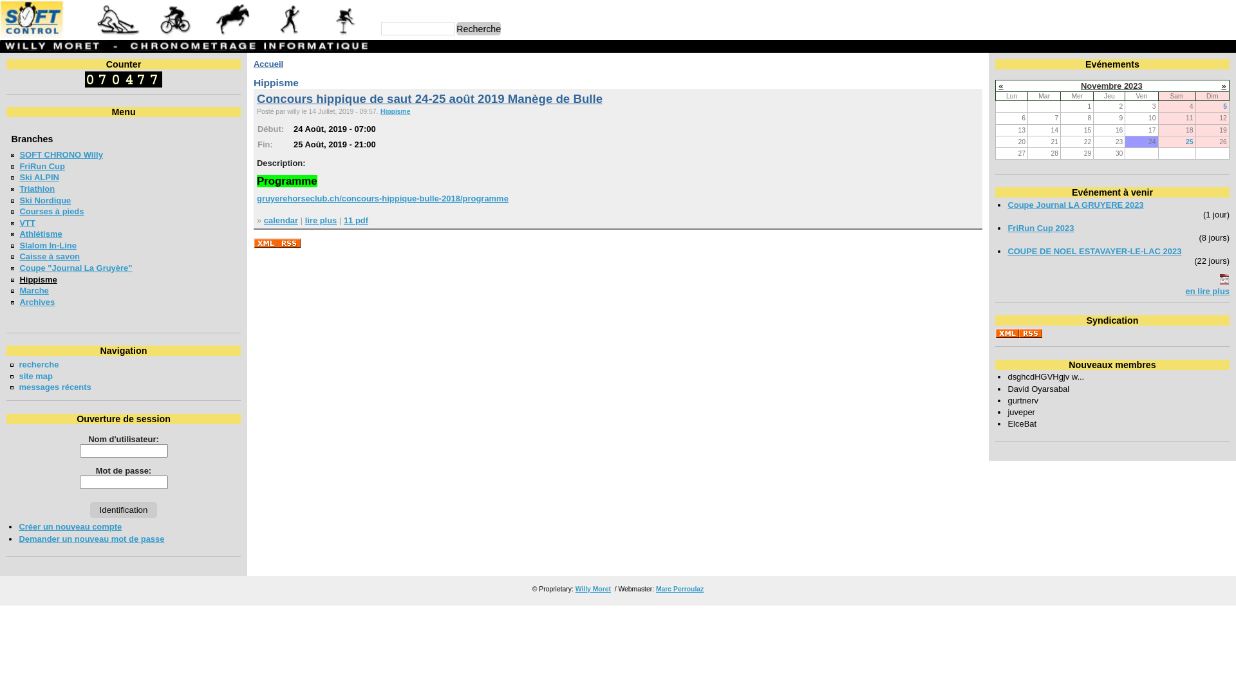 Image resolution: width=1236 pixels, height=695 pixels. I want to click on 'Add this calendar to your iCalendar', so click(1223, 281).